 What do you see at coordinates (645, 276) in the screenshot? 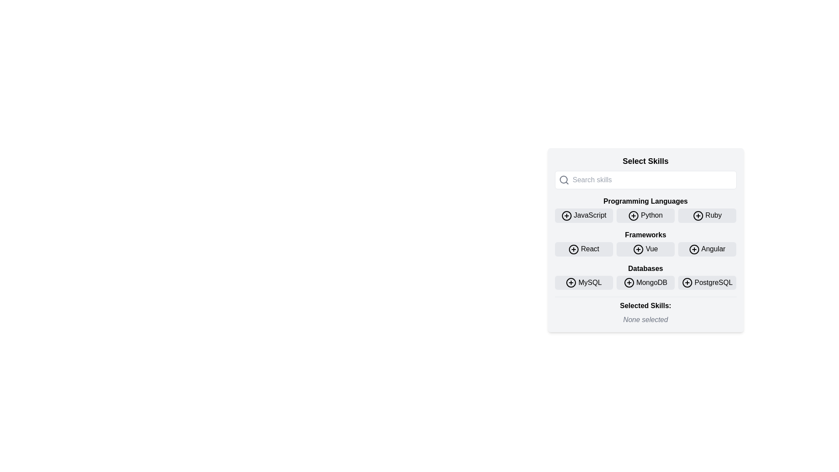
I see `the buttons in the 'Databases' section titled 'MySQL', 'MongoDB', and 'PostgreSQL'` at bounding box center [645, 276].